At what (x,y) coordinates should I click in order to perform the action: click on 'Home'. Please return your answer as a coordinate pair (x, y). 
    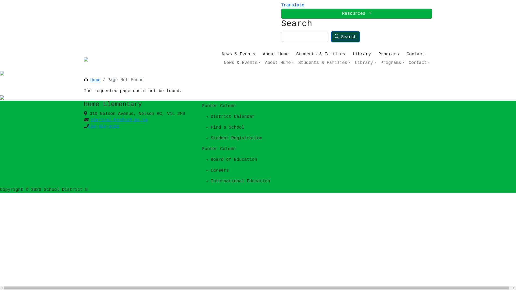
    Looking at the image, I should click on (92, 80).